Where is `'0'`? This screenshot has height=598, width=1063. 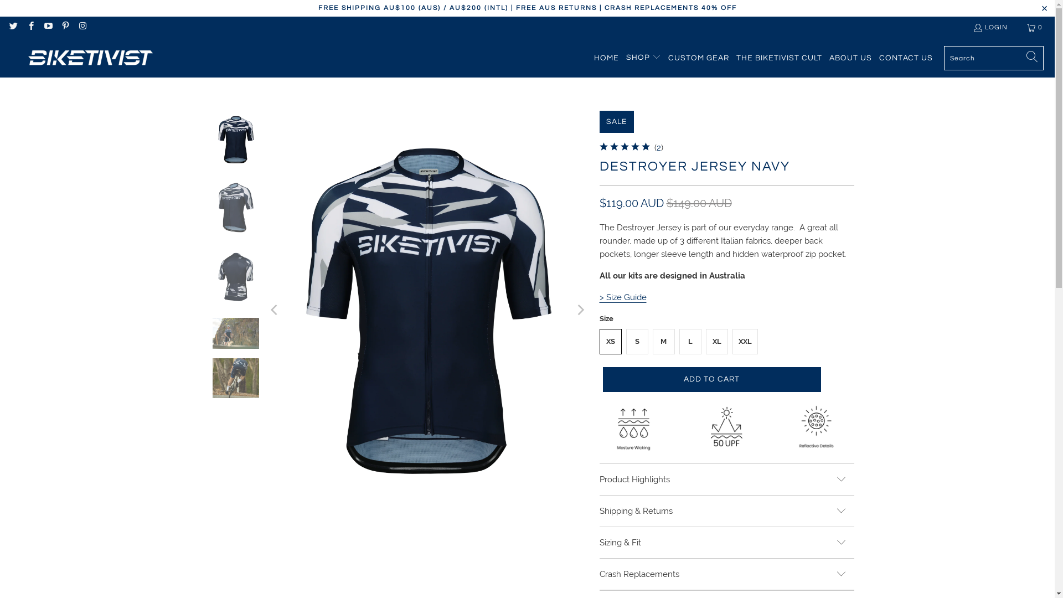 '0' is located at coordinates (1035, 27).